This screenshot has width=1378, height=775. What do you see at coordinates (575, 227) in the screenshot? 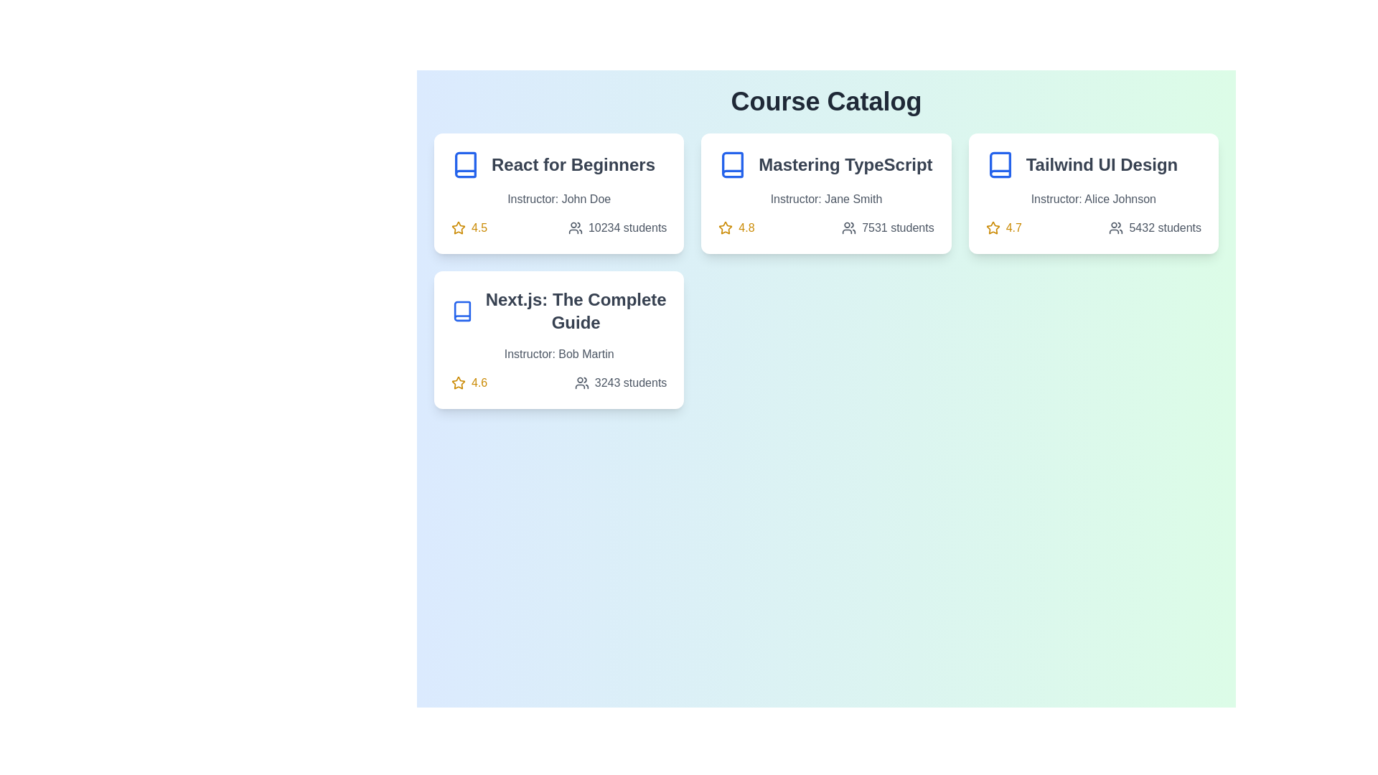
I see `the student enrollment icon located at the bottom left corner of the 'React for Beginners' course card, which visually represents the number of students enrolled` at bounding box center [575, 227].